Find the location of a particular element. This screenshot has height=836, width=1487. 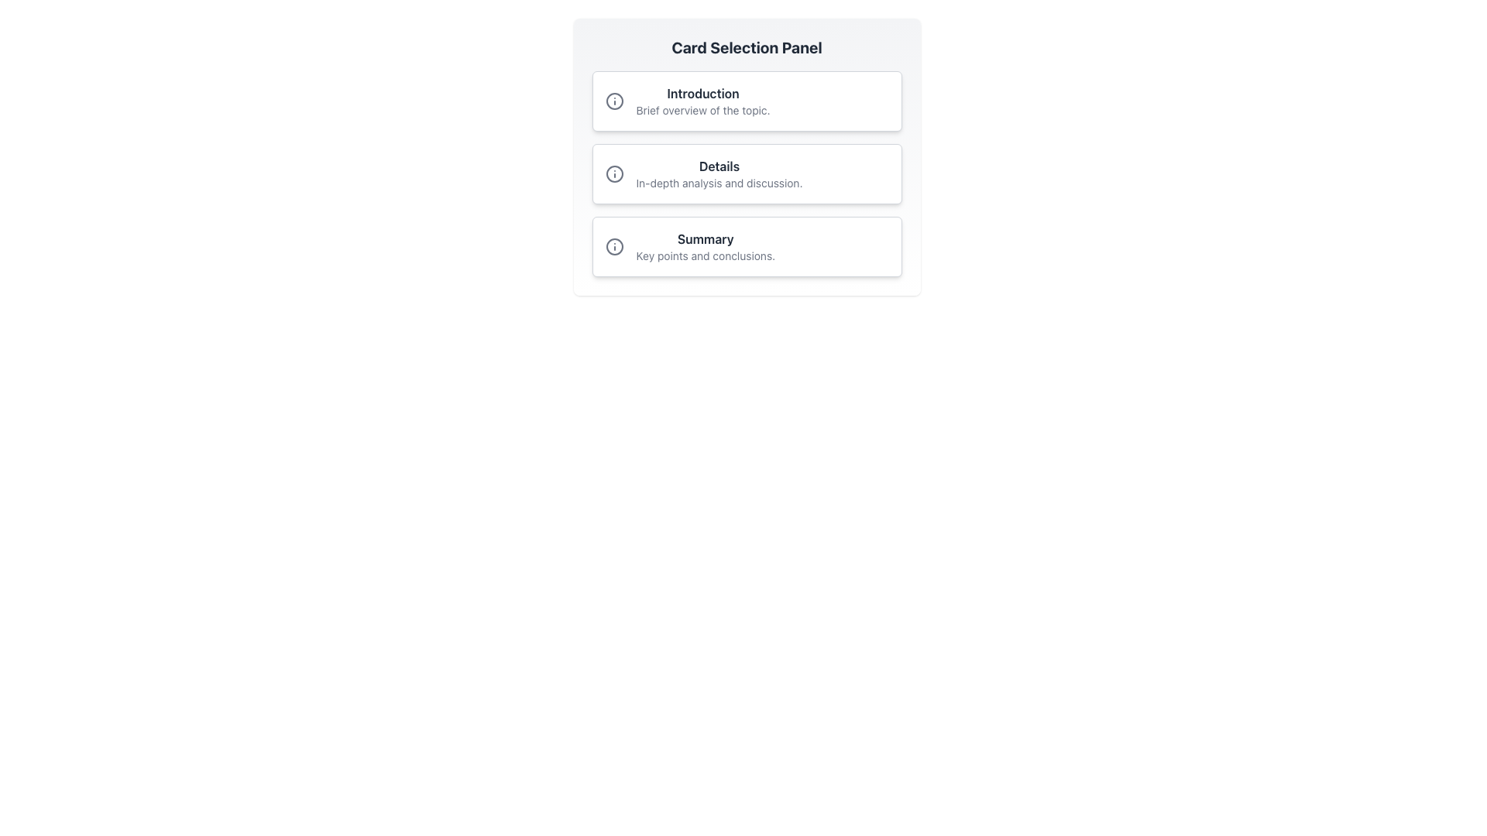

the 'Summary' text block, which is the third card in the 'Card Selection Panel' containing the title 'Summary' and subtitle 'Key points and conclusions.' is located at coordinates (705, 246).